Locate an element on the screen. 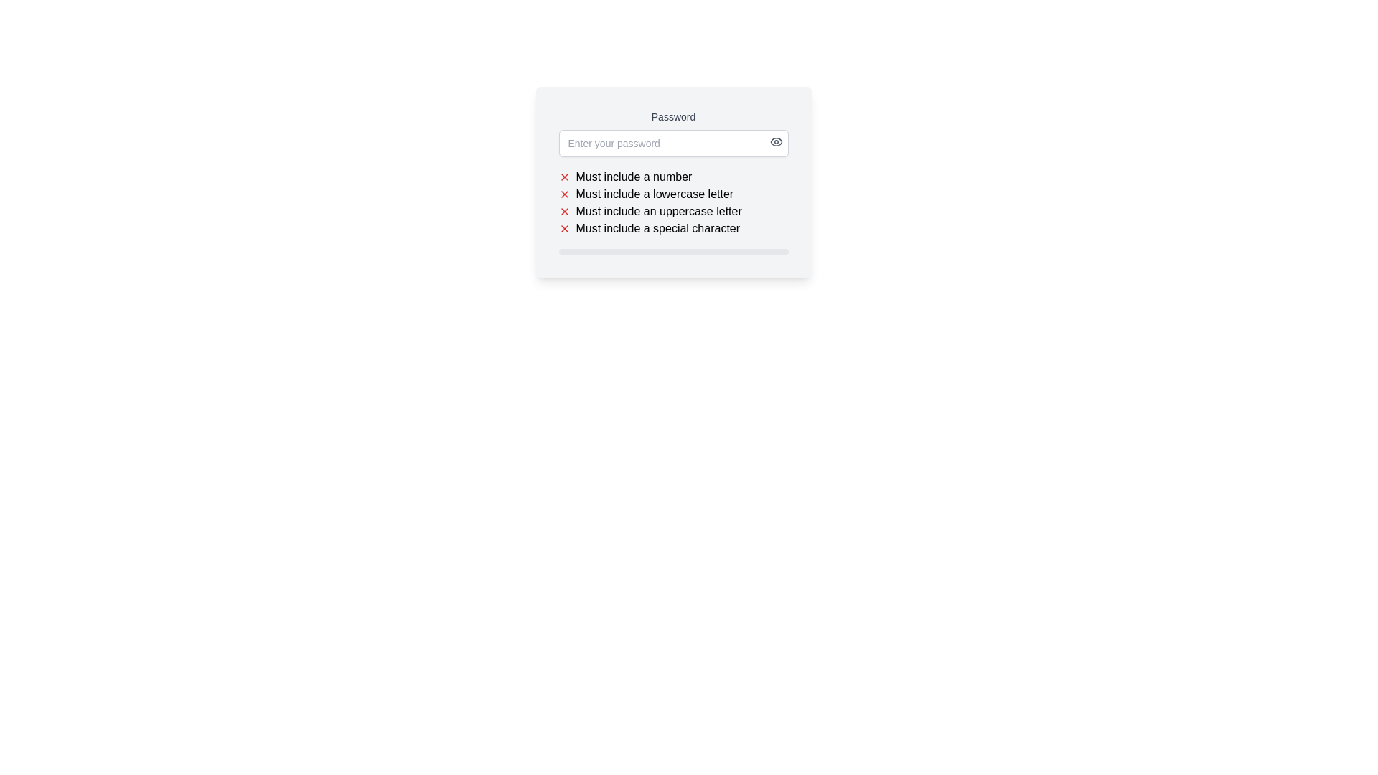 The width and height of the screenshot is (1378, 775). the icon indicating that the condition 'Must include a number' is not met, located to the left of the corresponding text in the password validation section is located at coordinates (563, 176).